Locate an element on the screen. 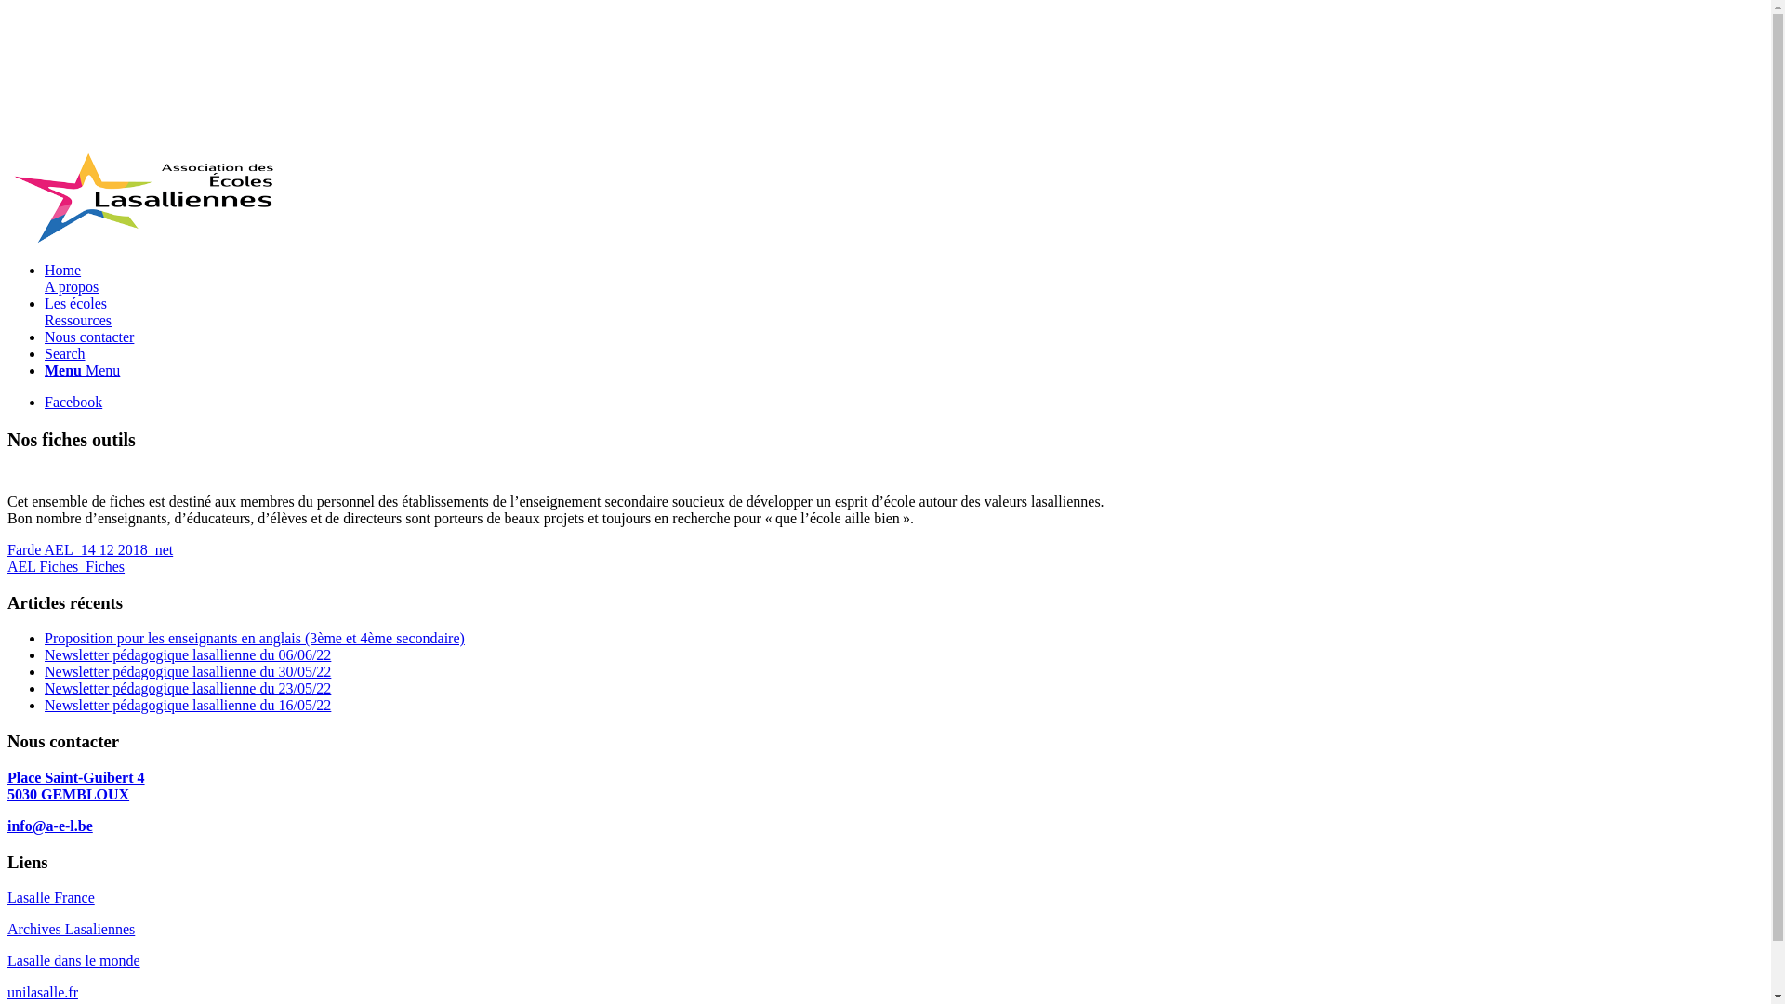  'Nous contacter' is located at coordinates (88, 337).